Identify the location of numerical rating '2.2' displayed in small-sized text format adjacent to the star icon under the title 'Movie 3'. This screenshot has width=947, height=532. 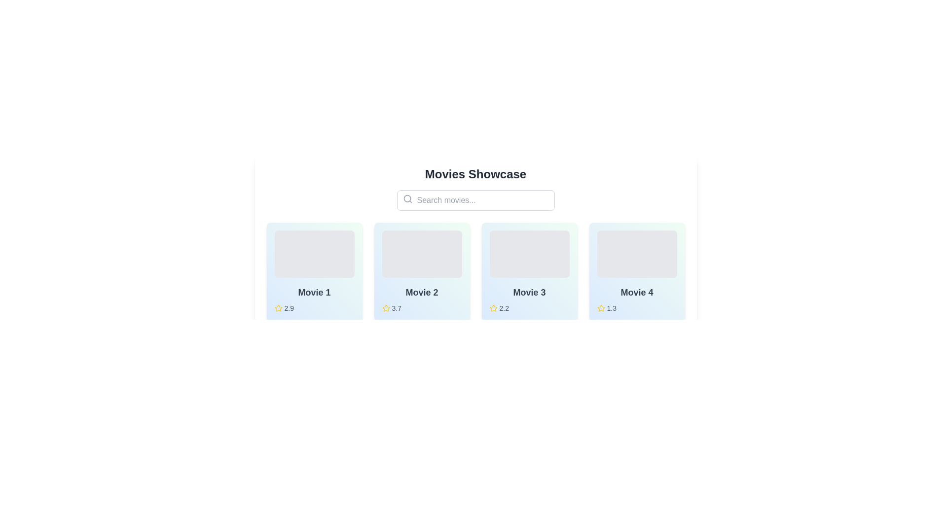
(504, 307).